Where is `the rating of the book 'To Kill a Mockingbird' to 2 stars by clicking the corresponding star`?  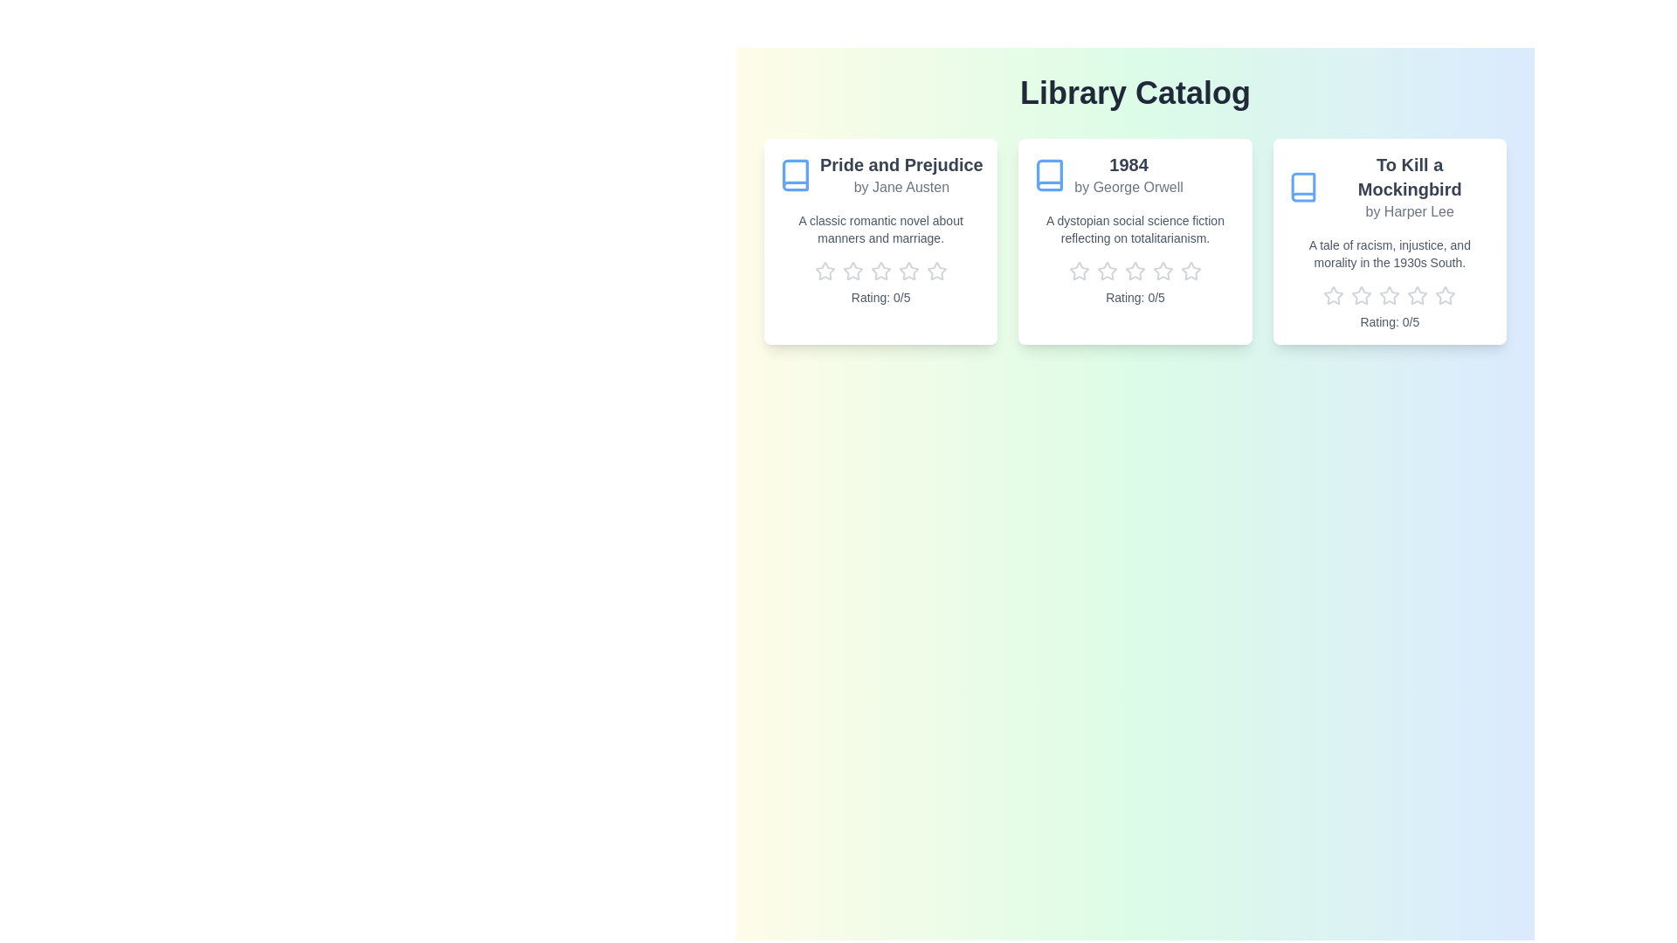
the rating of the book 'To Kill a Mockingbird' to 2 stars by clicking the corresponding star is located at coordinates (1361, 295).